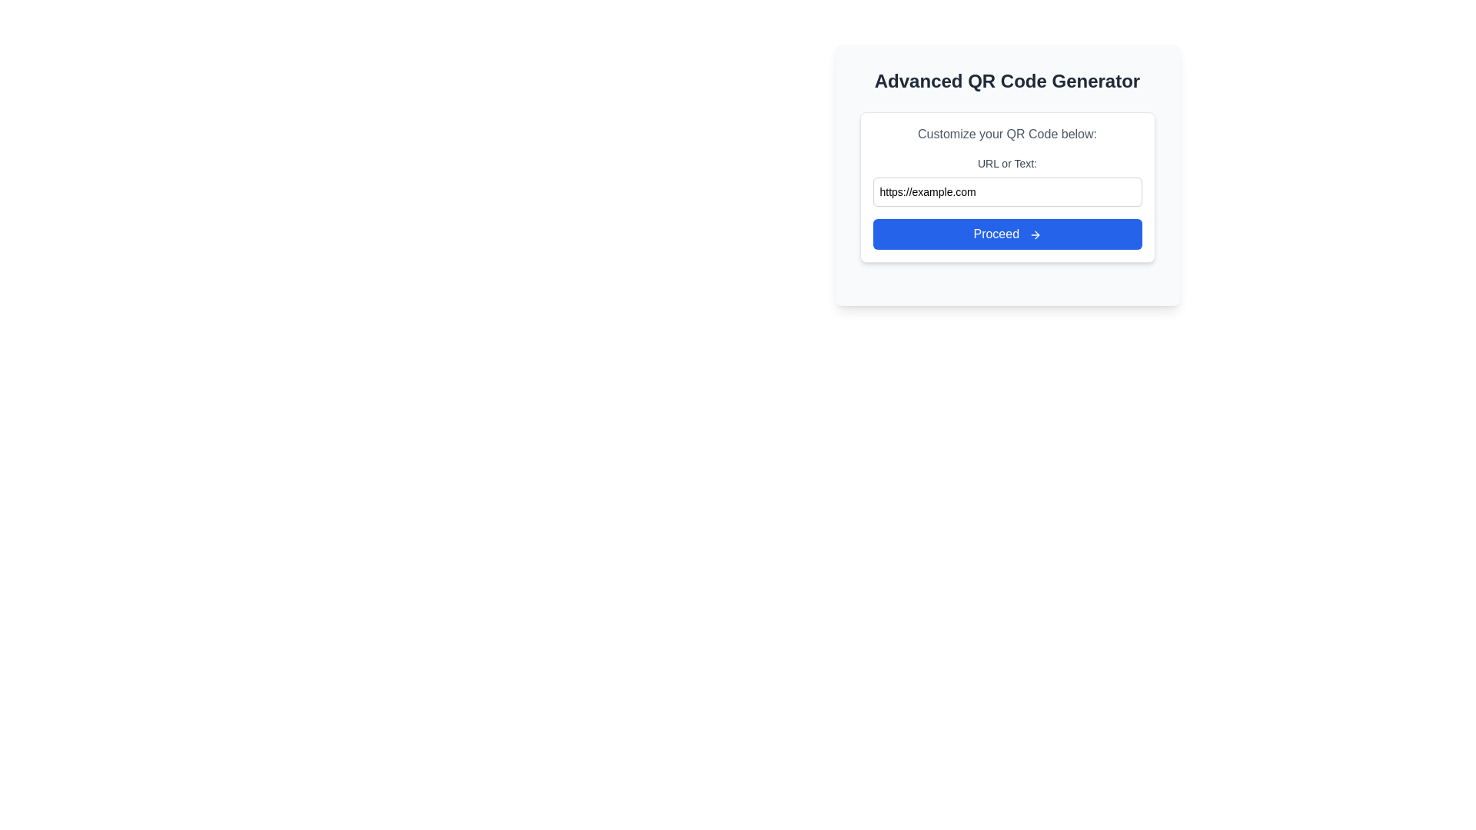 This screenshot has height=830, width=1476. What do you see at coordinates (1007, 163) in the screenshot?
I see `the text label reading 'URL or Text:' which is located above the URL input field in the form titled 'Customize your QR Code below:'` at bounding box center [1007, 163].